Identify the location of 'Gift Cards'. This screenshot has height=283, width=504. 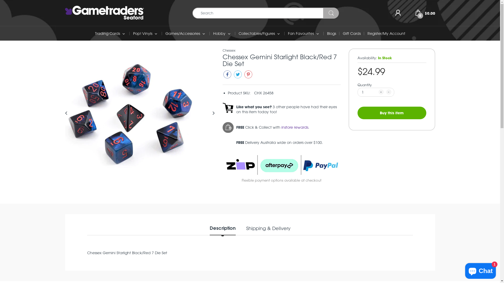
(343, 33).